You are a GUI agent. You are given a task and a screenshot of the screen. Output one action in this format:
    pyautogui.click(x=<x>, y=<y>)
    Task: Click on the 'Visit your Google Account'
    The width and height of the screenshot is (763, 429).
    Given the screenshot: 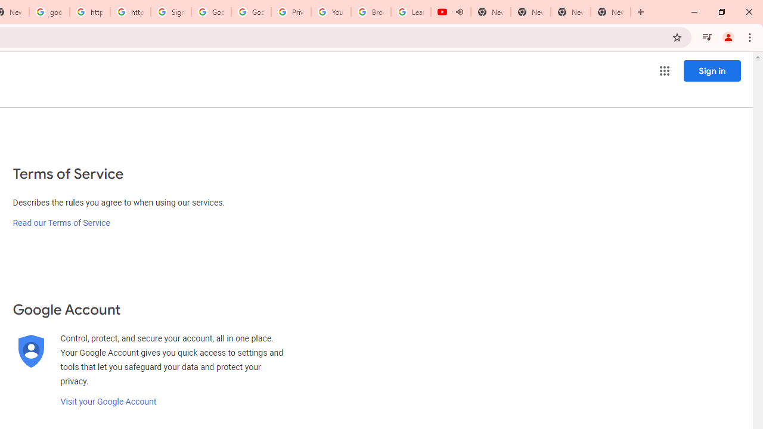 What is the action you would take?
    pyautogui.click(x=108, y=402)
    